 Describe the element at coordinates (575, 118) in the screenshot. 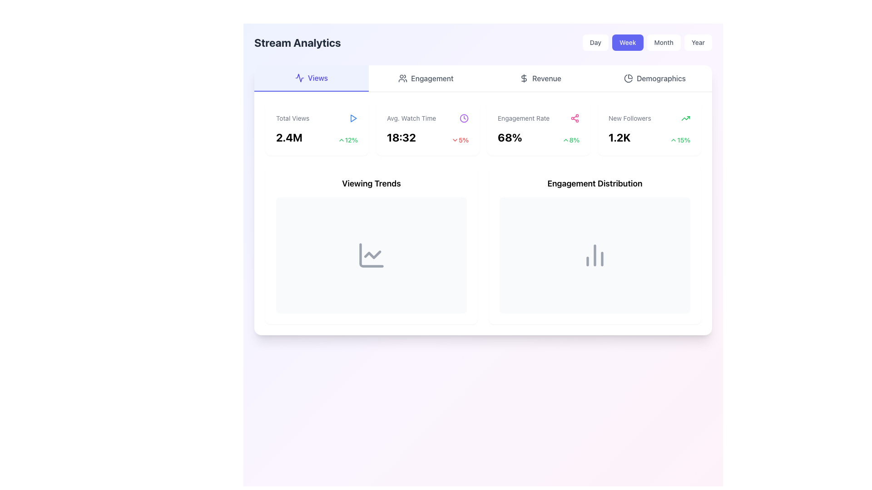

I see `the share or action button icon located near the top center of the display within the 'Engagement Rate' card, positioned to the right of the '68%' text` at that location.